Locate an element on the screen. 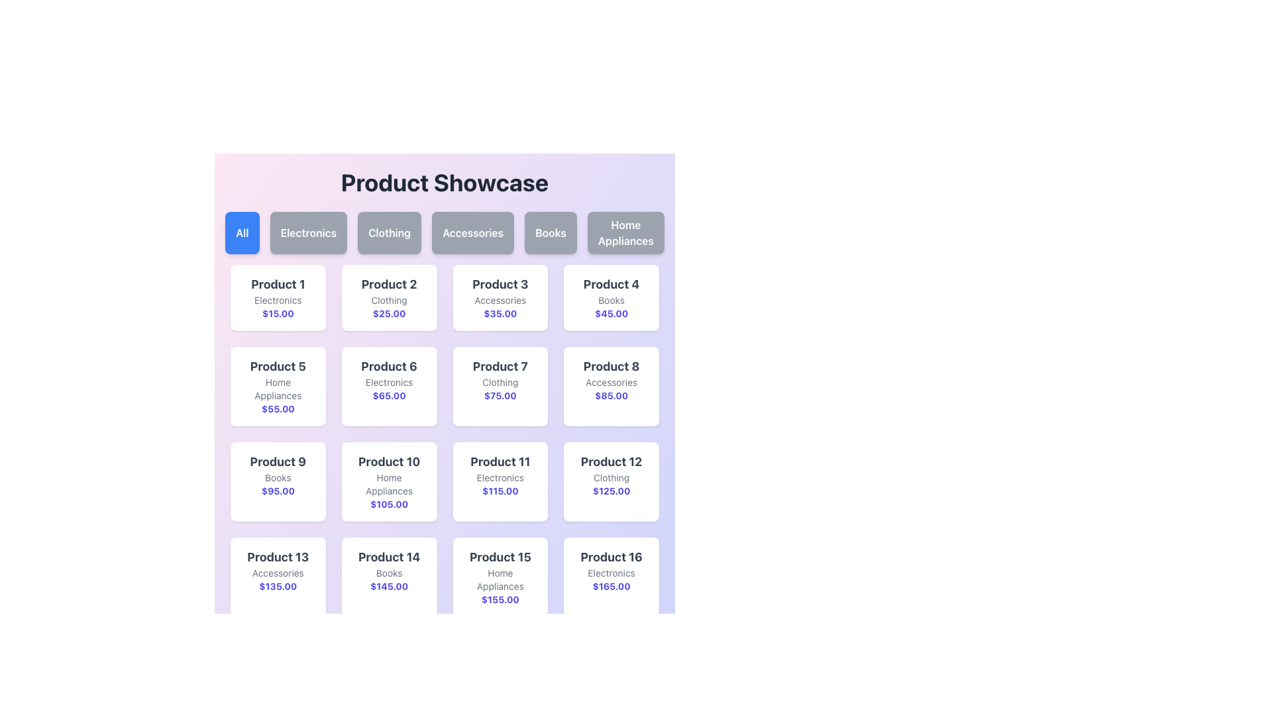  the 'Accessories' button, which is the fourth button from the left in a group of six buttons located at the top center of the interface, to filter the products is located at coordinates (473, 232).